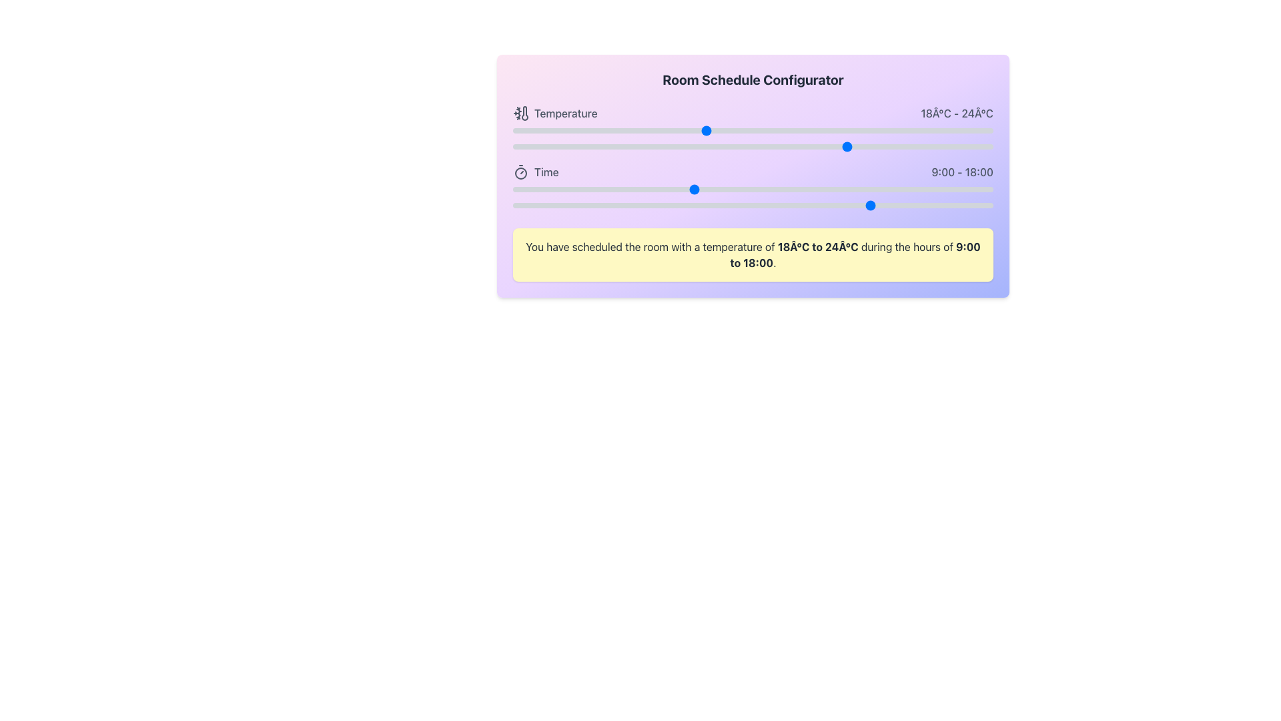  Describe the element at coordinates (753, 158) in the screenshot. I see `the sliders in the 'Room Schedule Configurator' section` at that location.